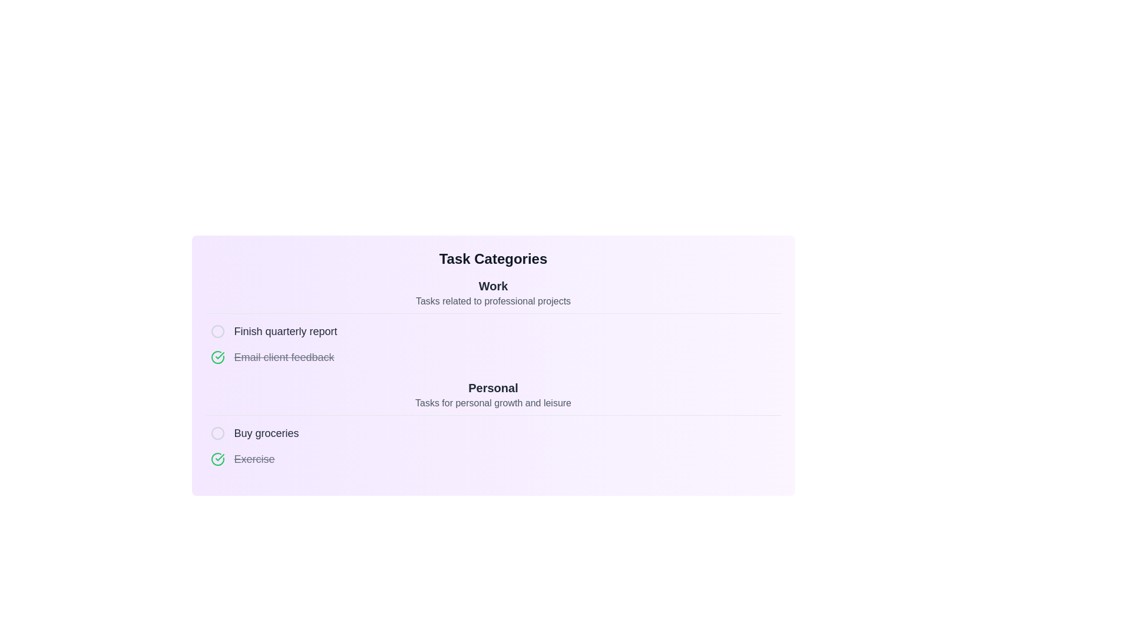 The width and height of the screenshot is (1131, 636). I want to click on the 'Work' section header label in the task management interface, which is located beneath the 'Task Categories' title and above the description text for professional project tasks, so click(493, 286).